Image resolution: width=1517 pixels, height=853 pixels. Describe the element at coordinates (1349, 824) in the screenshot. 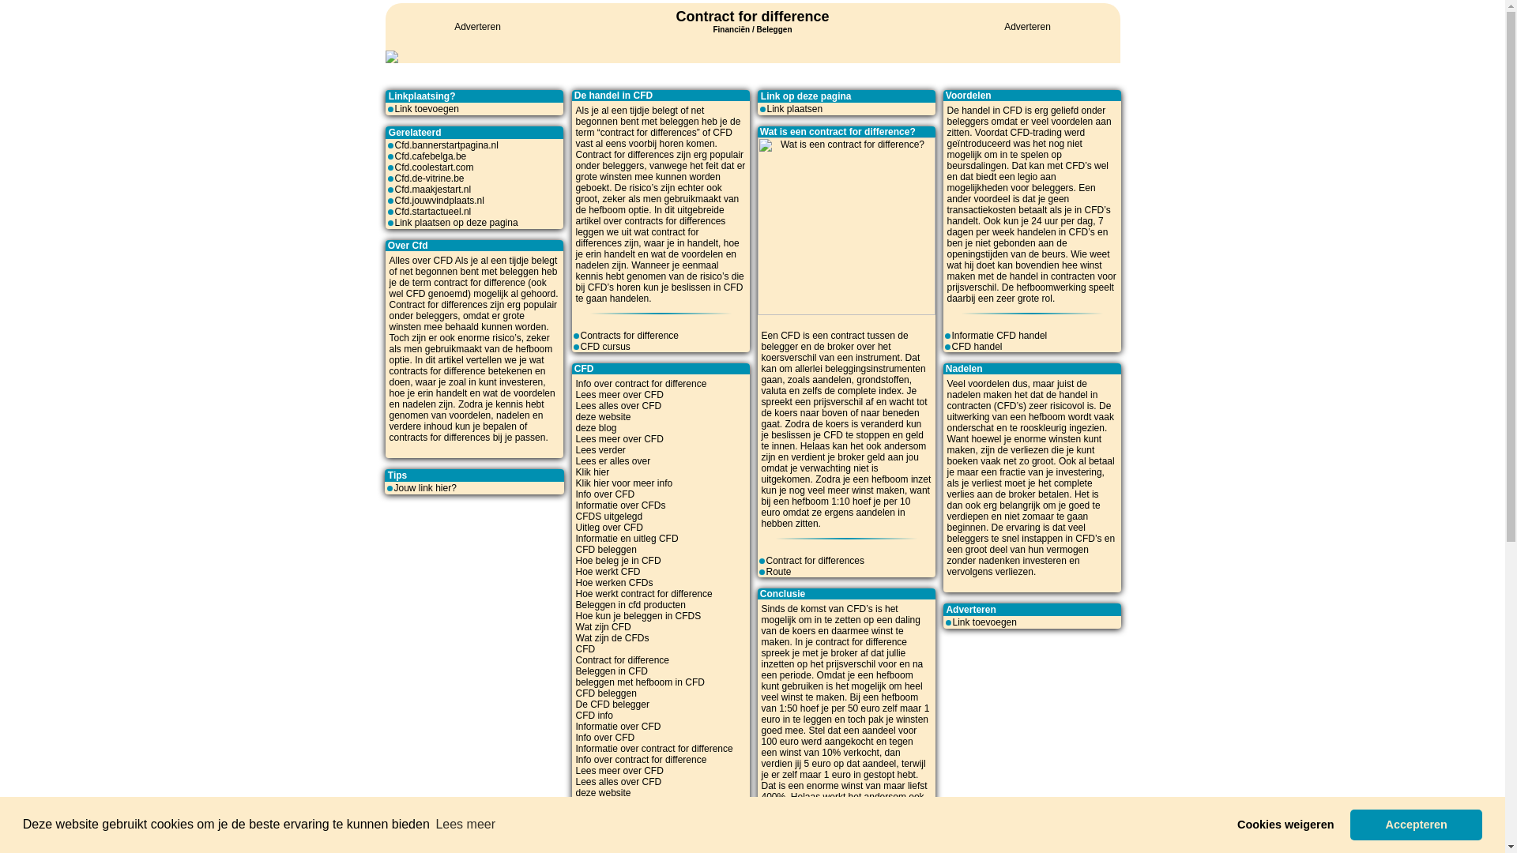

I see `'Accepteren'` at that location.